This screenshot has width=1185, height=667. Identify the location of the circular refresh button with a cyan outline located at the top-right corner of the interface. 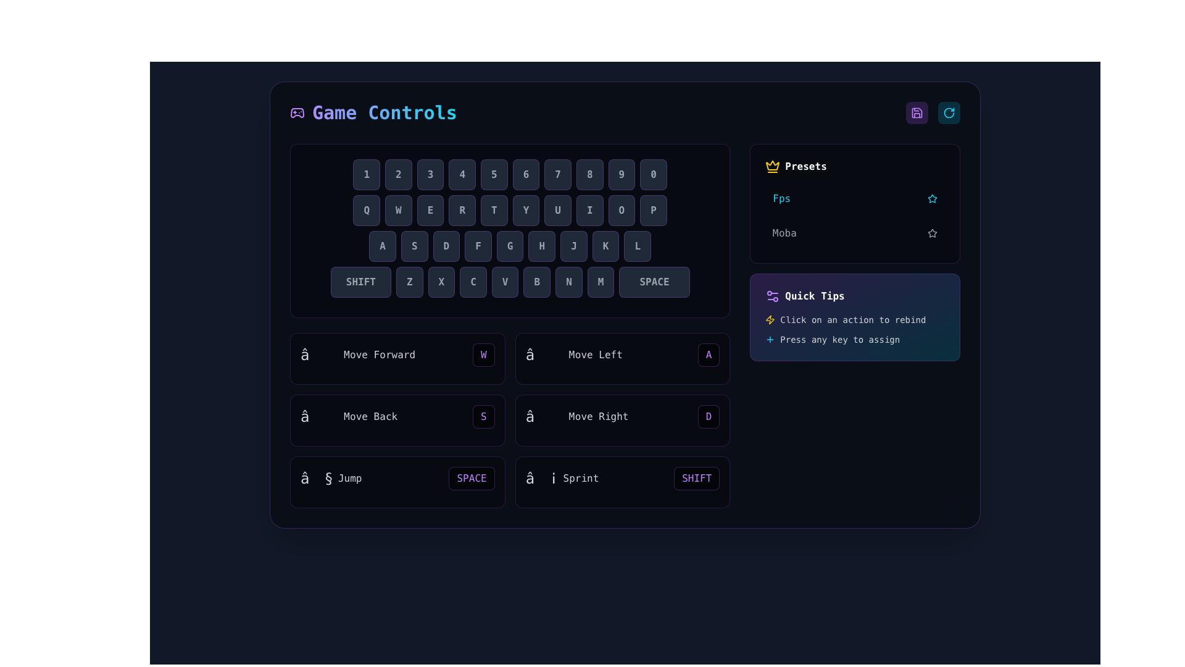
(948, 112).